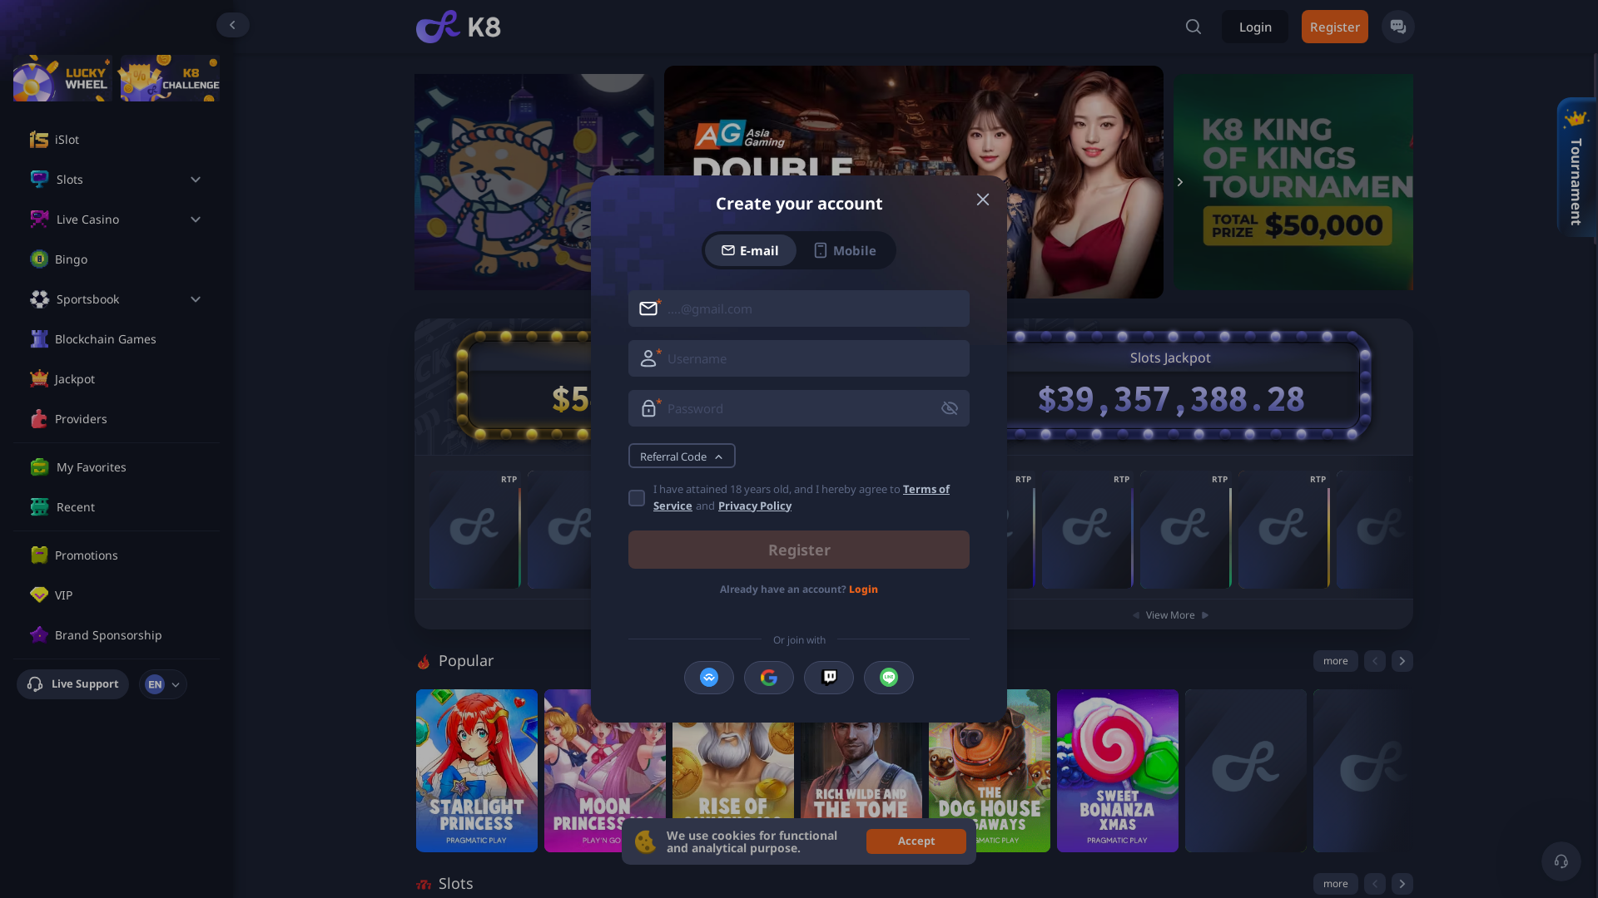  What do you see at coordinates (1313, 770) in the screenshot?
I see `'xWays Hoarder xSplit DX1'` at bounding box center [1313, 770].